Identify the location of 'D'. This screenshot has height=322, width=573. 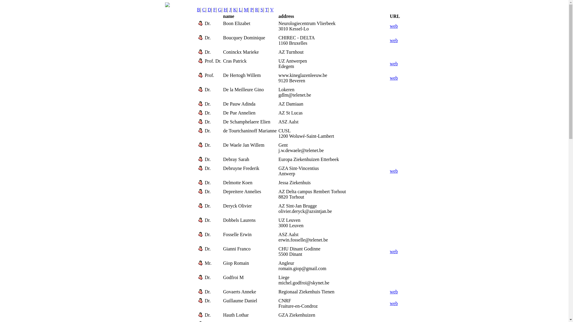
(209, 10).